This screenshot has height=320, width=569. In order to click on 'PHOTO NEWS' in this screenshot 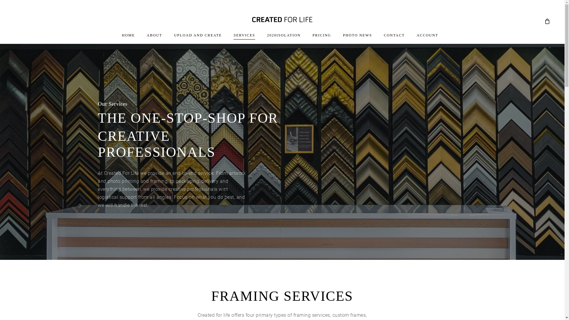, I will do `click(357, 38)`.